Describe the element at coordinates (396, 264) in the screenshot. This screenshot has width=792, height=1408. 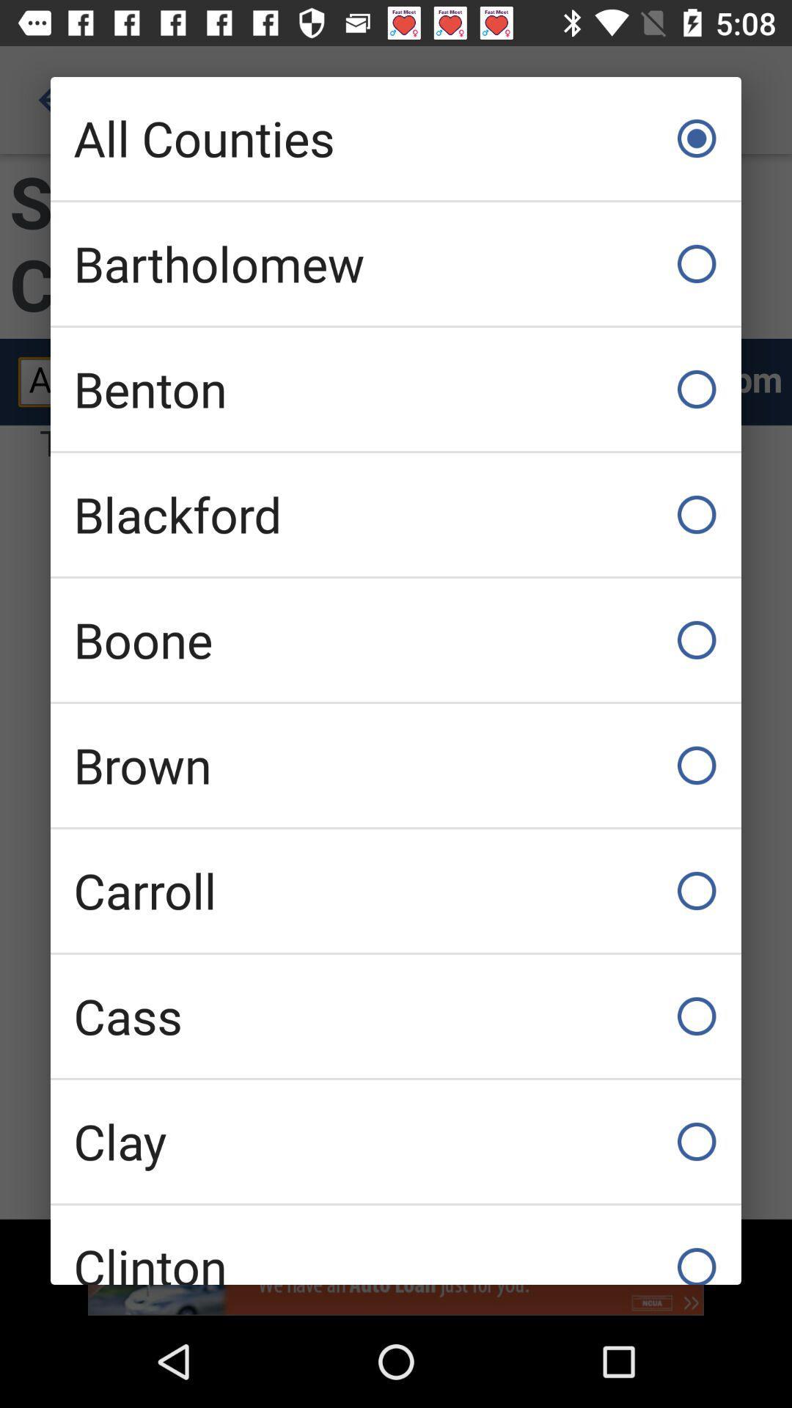
I see `the icon below all counties icon` at that location.